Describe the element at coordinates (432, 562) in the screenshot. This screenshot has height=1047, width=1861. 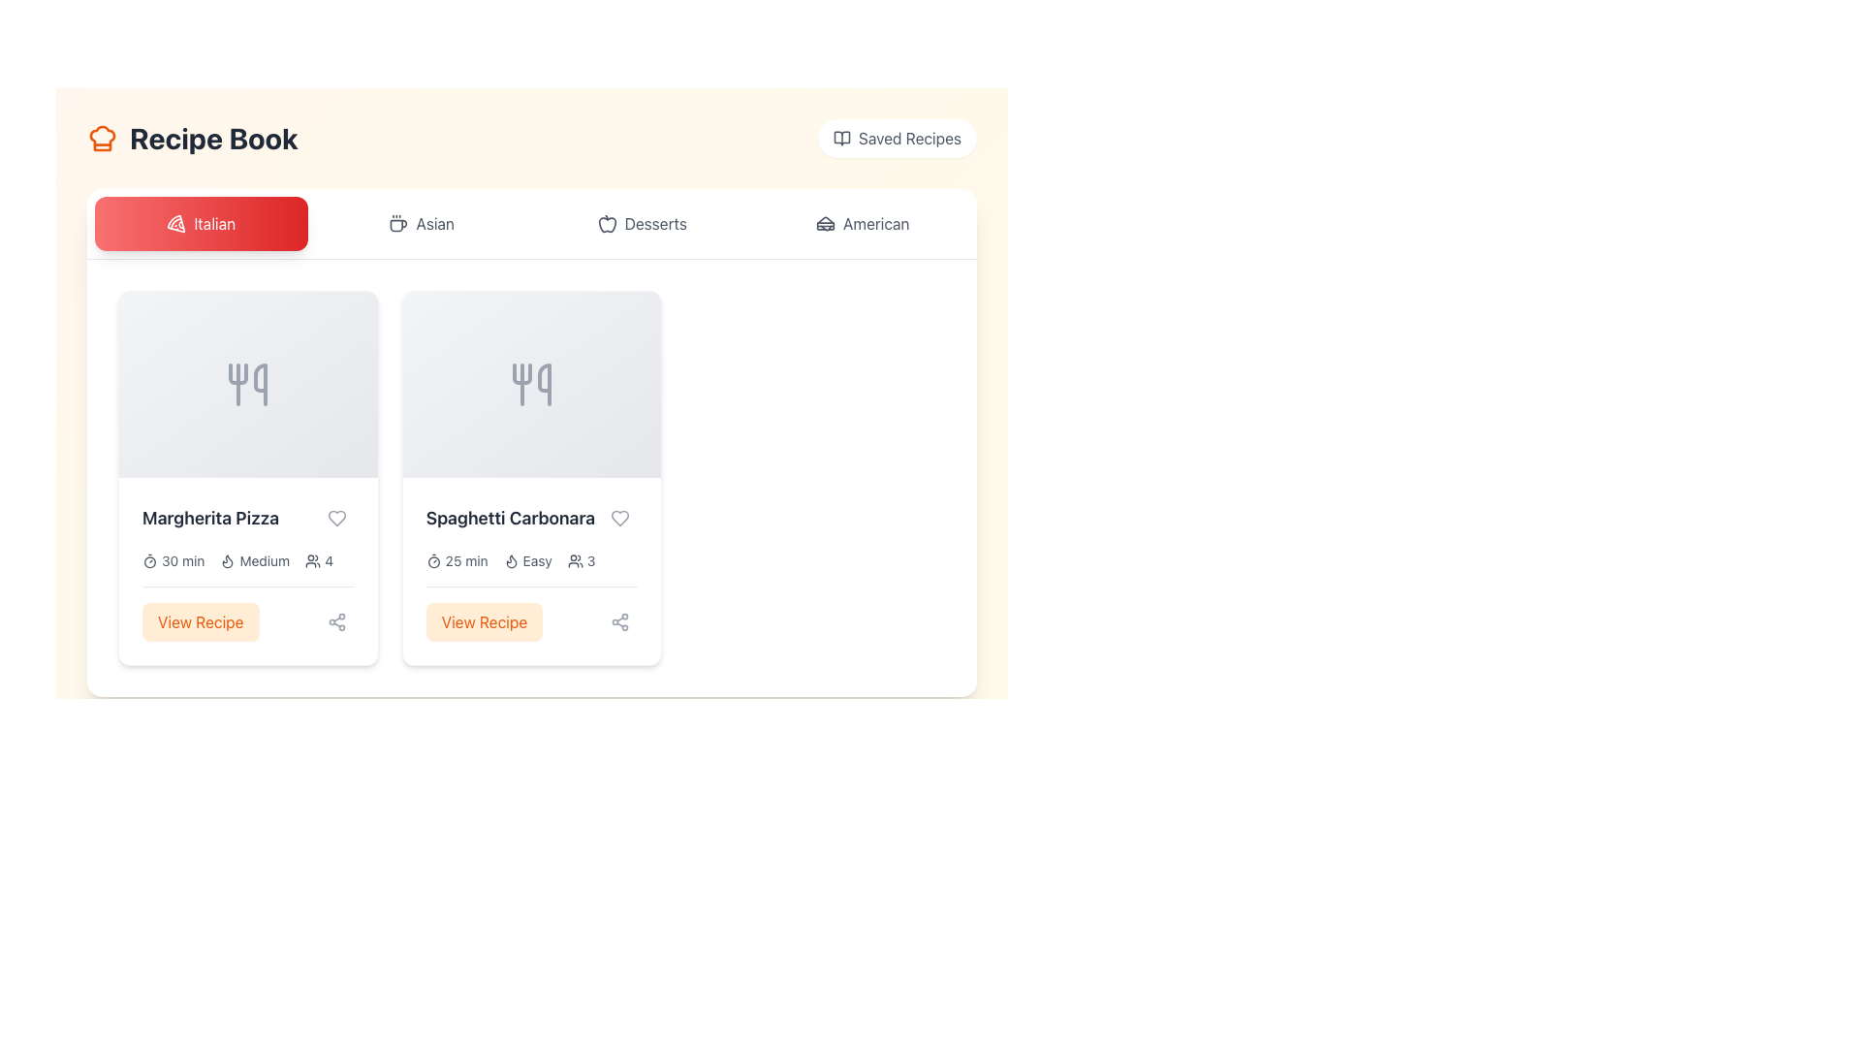
I see `the central circular part of the timer icon, which is a decorative SVG element located near the top of the interface` at that location.